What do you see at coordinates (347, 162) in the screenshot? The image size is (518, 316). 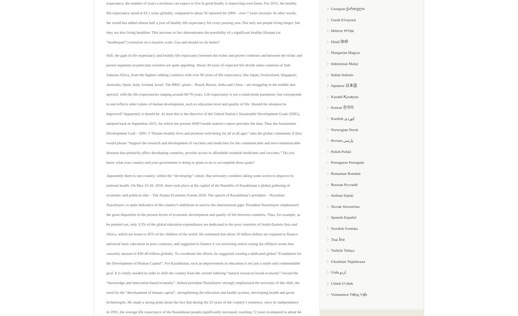 I see `'Portuguese Português'` at bounding box center [347, 162].